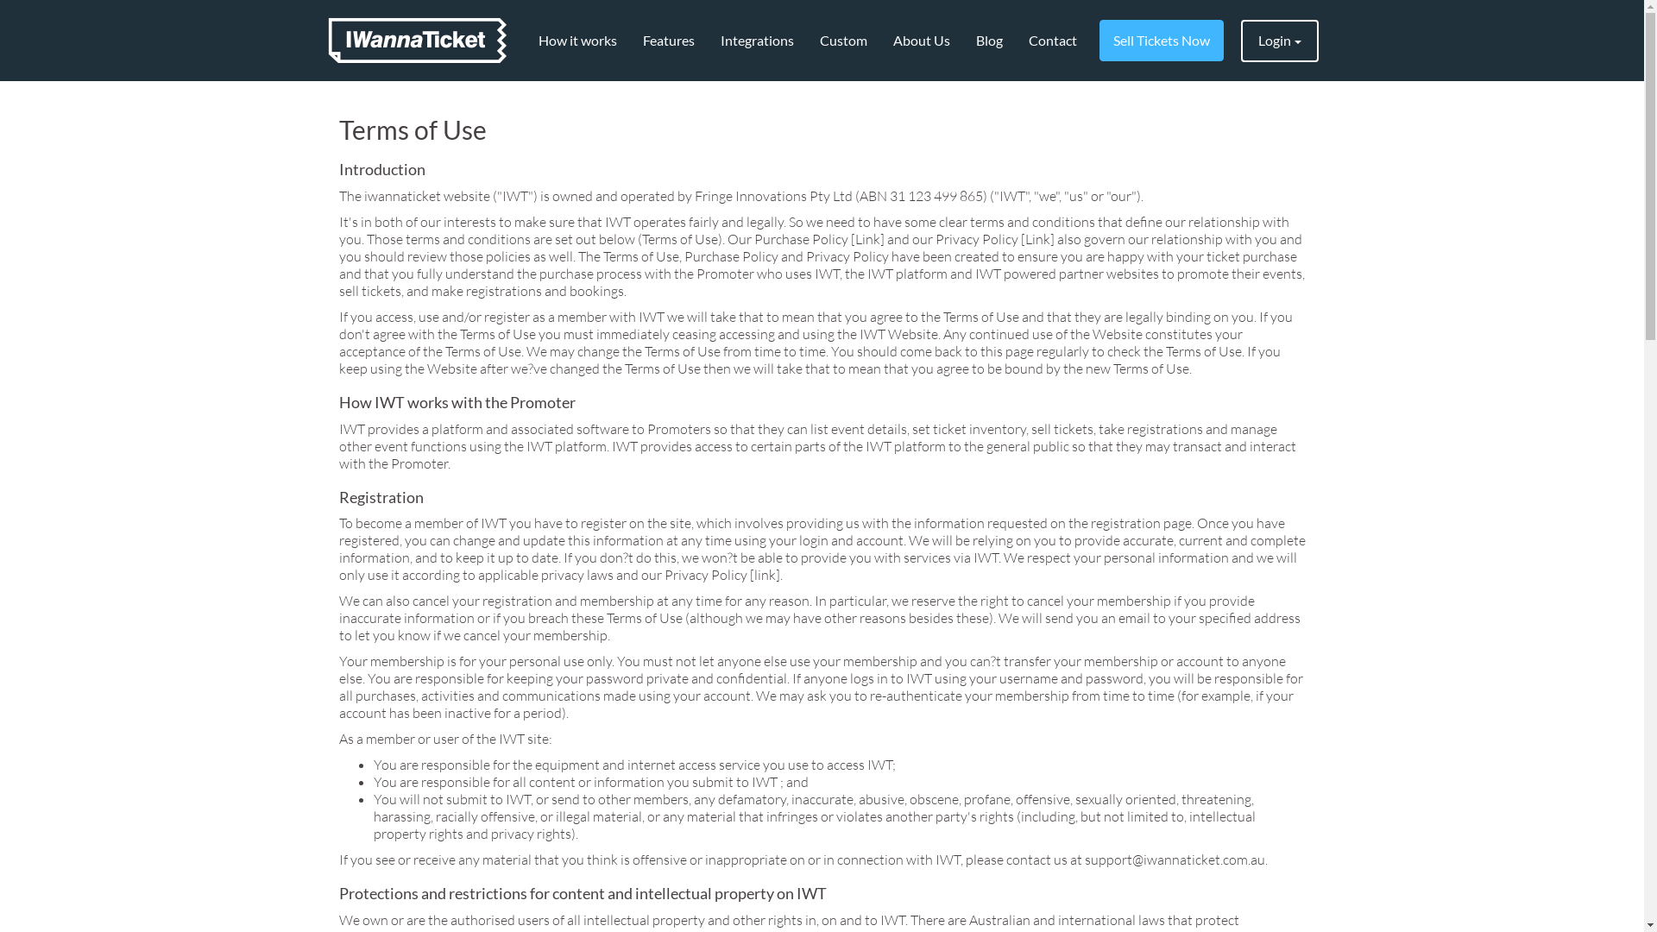  I want to click on 'Login', so click(1280, 40).